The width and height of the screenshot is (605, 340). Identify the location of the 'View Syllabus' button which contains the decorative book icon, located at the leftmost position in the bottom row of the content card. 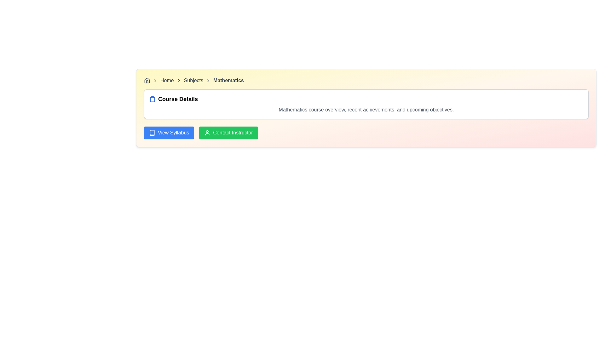
(152, 132).